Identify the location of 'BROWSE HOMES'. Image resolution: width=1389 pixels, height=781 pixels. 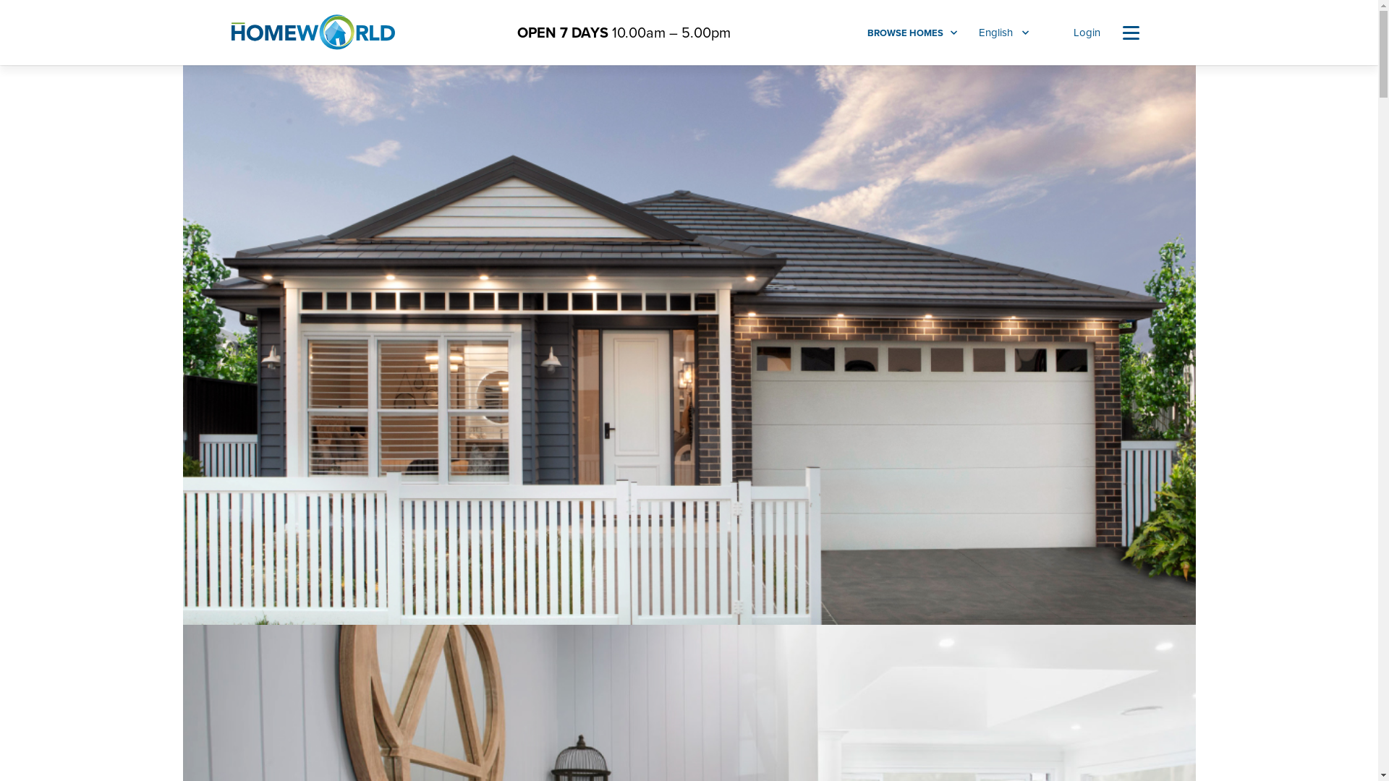
(912, 33).